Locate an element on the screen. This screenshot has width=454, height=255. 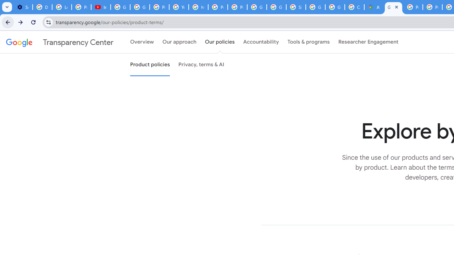
'Learn how to find your photos - Google Photos Help' is located at coordinates (62, 7).